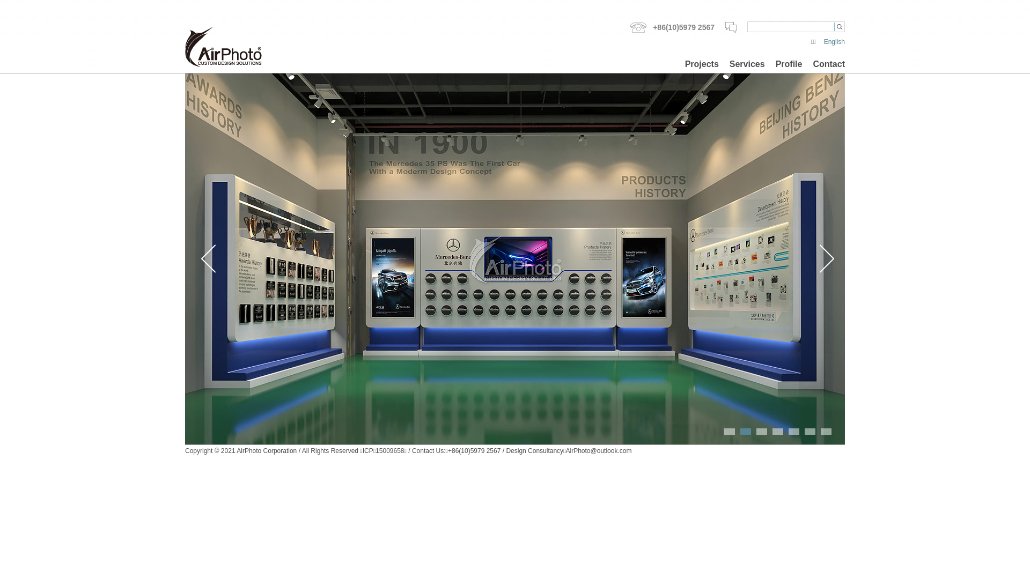  I want to click on 'Profile', so click(789, 64).